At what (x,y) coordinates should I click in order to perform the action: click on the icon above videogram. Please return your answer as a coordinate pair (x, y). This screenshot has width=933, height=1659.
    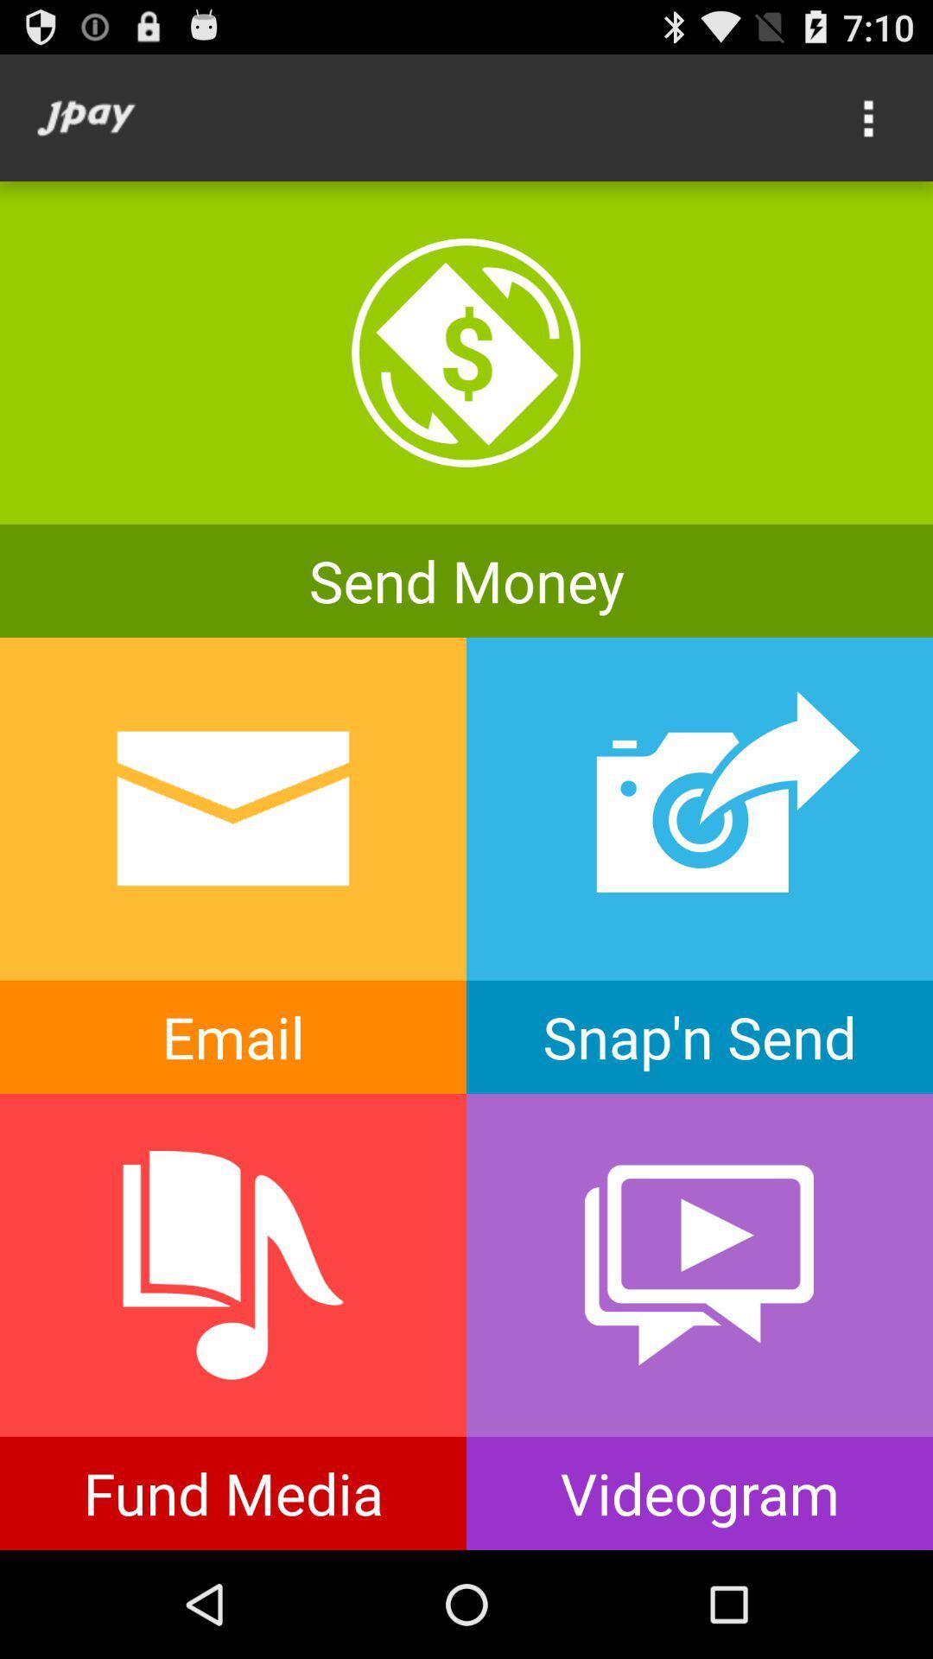
    Looking at the image, I should click on (700, 1265).